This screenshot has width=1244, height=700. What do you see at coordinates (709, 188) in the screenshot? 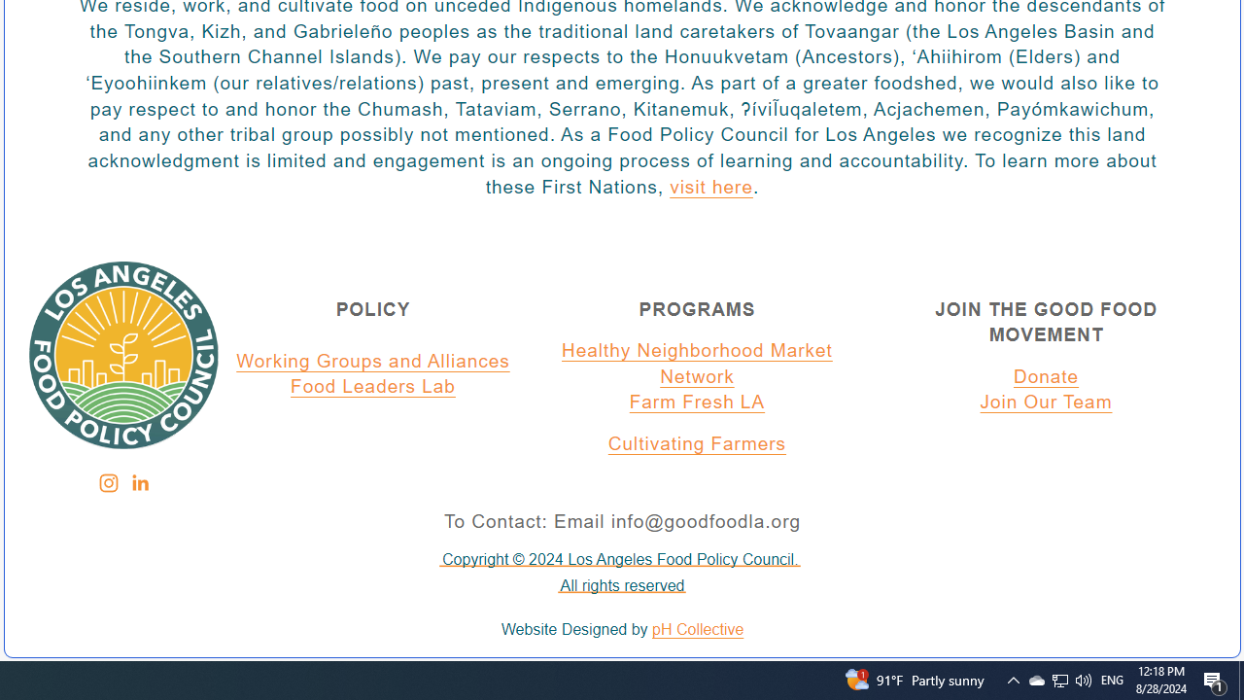
I see `'visit here'` at bounding box center [709, 188].